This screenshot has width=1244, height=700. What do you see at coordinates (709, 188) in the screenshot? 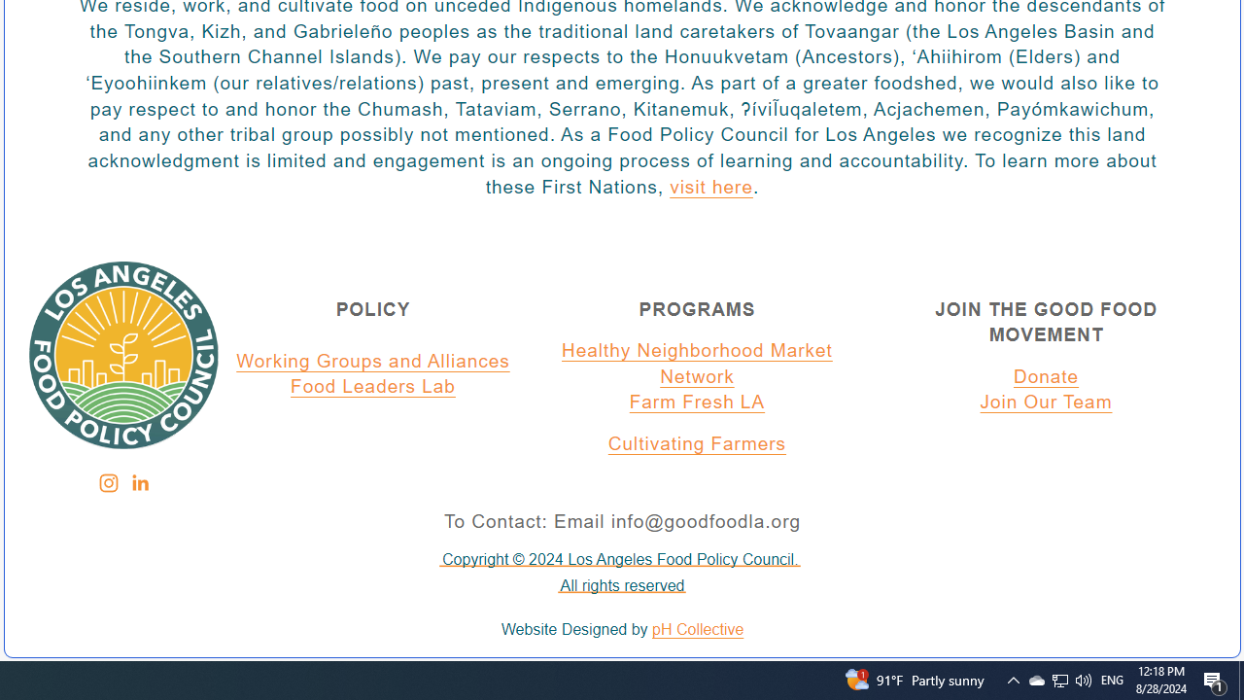
I see `'visit here'` at bounding box center [709, 188].